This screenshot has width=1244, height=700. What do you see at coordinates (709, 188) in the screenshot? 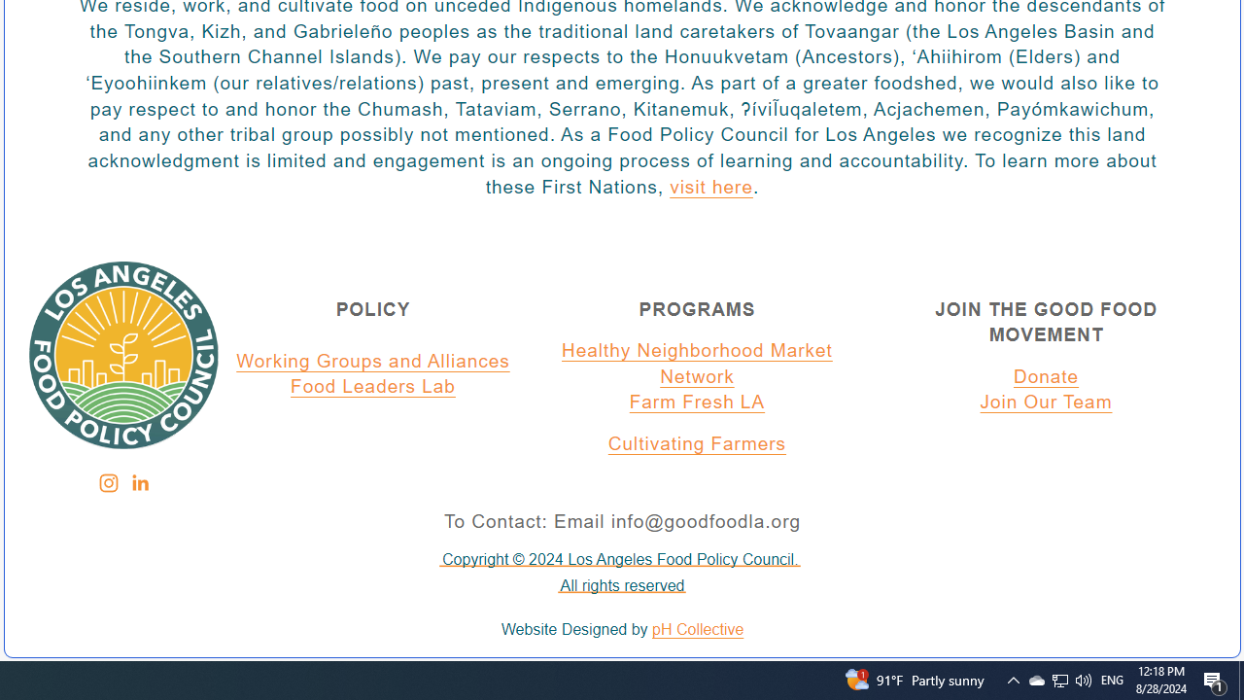
I see `'visit here'` at bounding box center [709, 188].